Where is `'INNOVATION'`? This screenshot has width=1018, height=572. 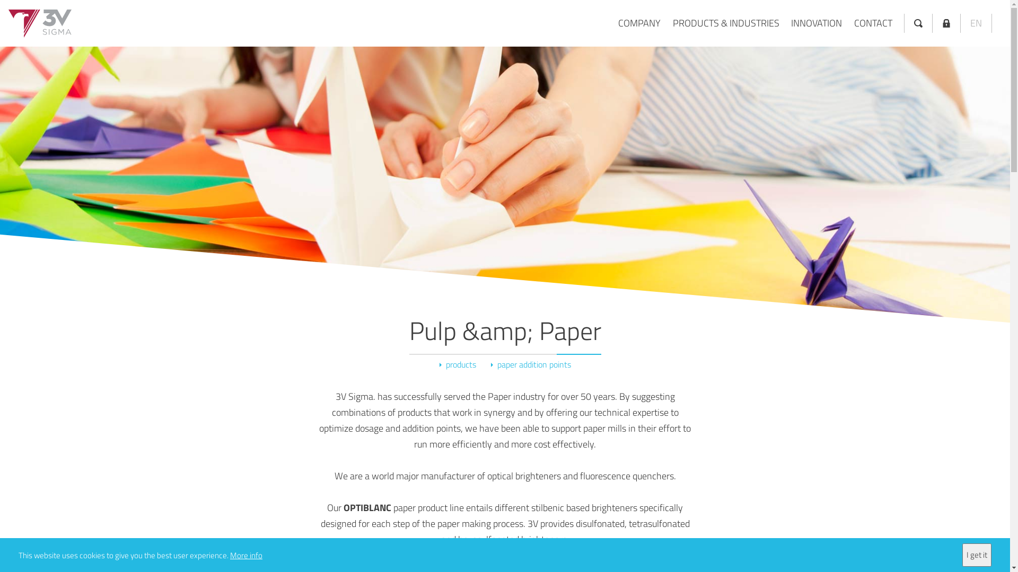
'INNOVATION' is located at coordinates (816, 23).